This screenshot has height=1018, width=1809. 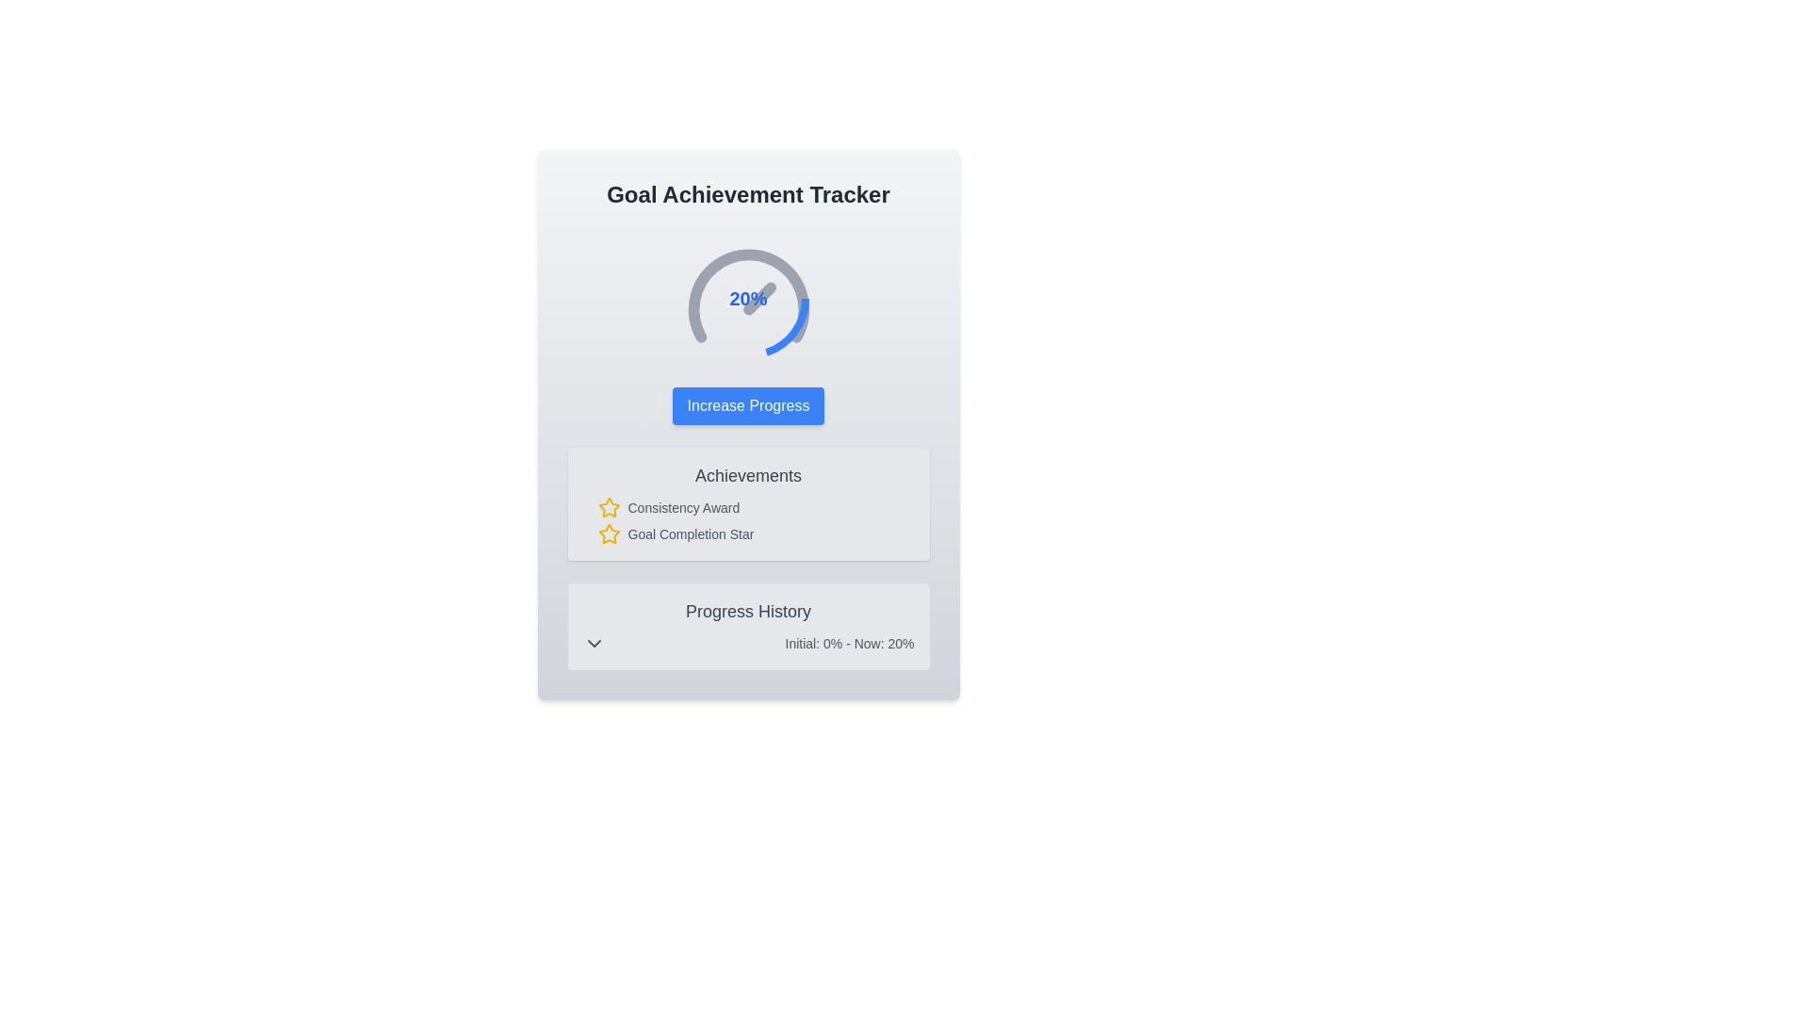 I want to click on the 'Increase Progress' button, which is a rectangular button with a blue background and white text, located below a circular progress indicator showing '20%' and above the 'Achievements' section, so click(x=747, y=405).